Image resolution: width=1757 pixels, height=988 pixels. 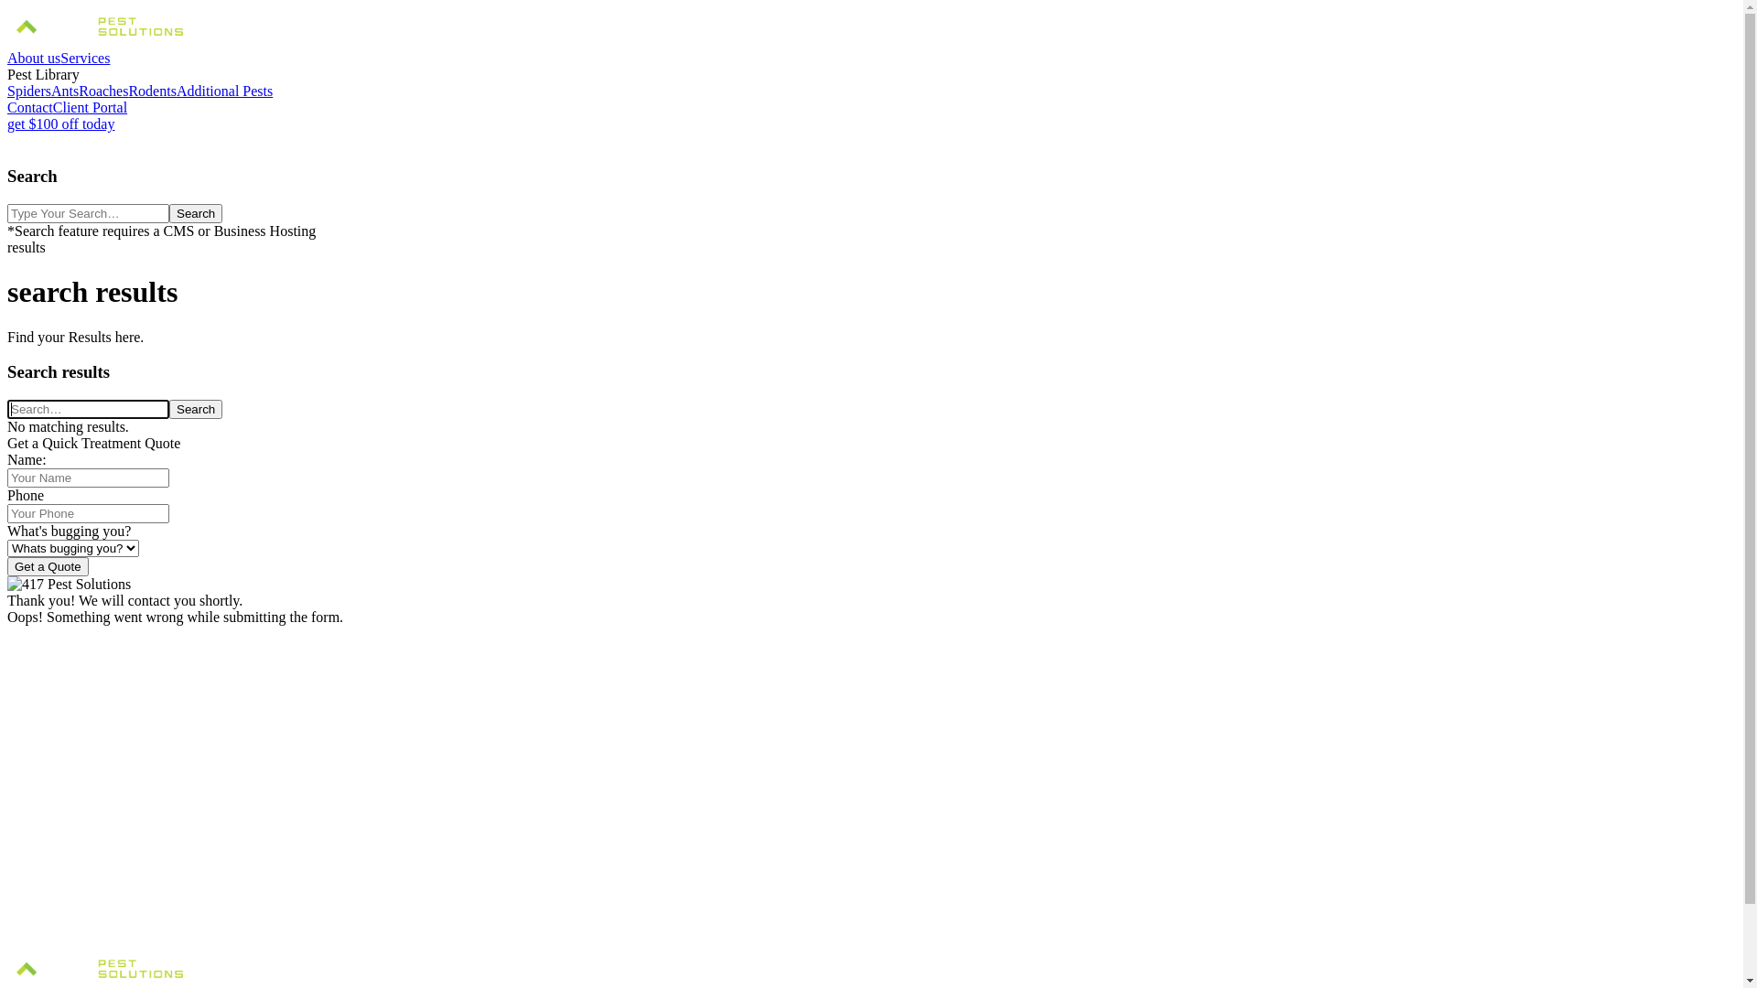 What do you see at coordinates (60, 123) in the screenshot?
I see `'get $100 off today'` at bounding box center [60, 123].